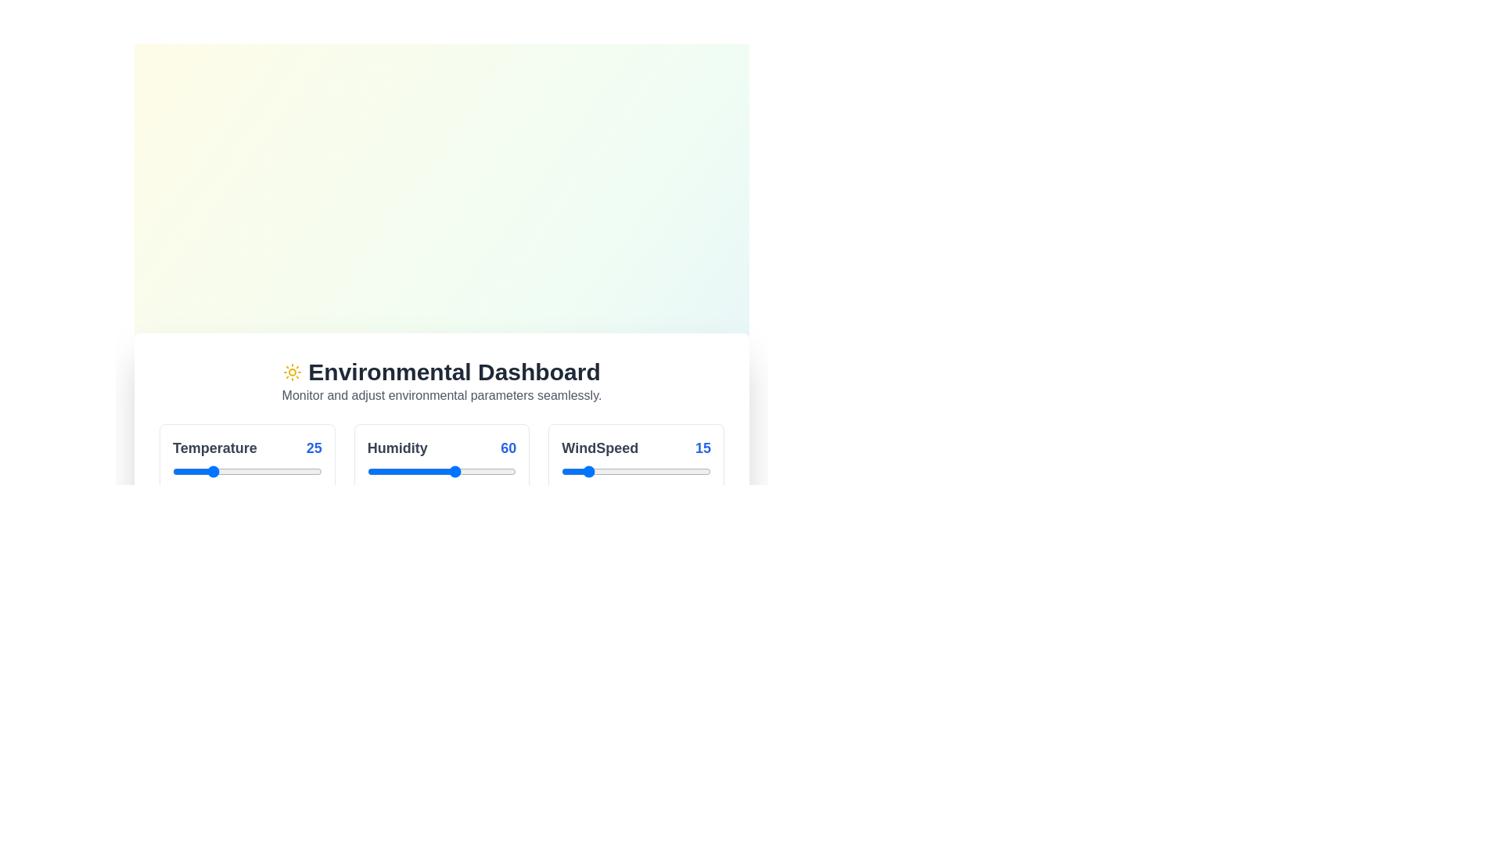  What do you see at coordinates (250, 470) in the screenshot?
I see `the slider` at bounding box center [250, 470].